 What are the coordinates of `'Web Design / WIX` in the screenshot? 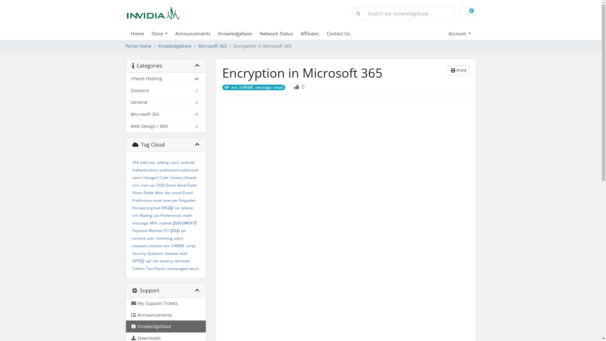 It's located at (165, 126).